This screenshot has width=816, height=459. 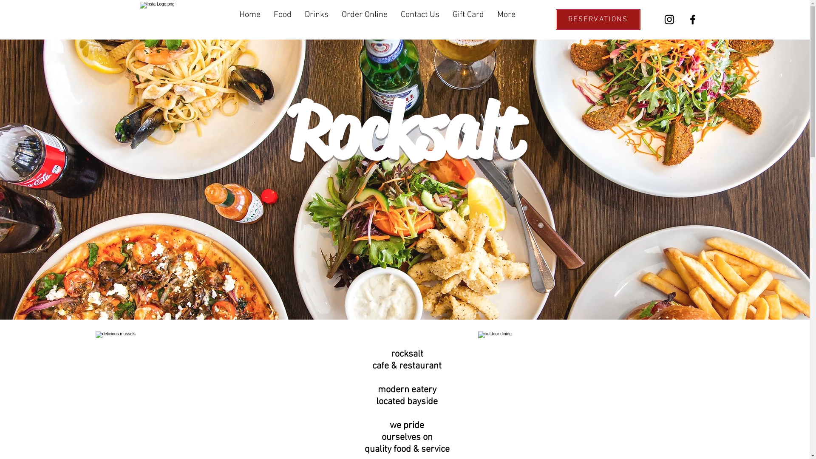 What do you see at coordinates (266, 16) in the screenshot?
I see `'Food'` at bounding box center [266, 16].